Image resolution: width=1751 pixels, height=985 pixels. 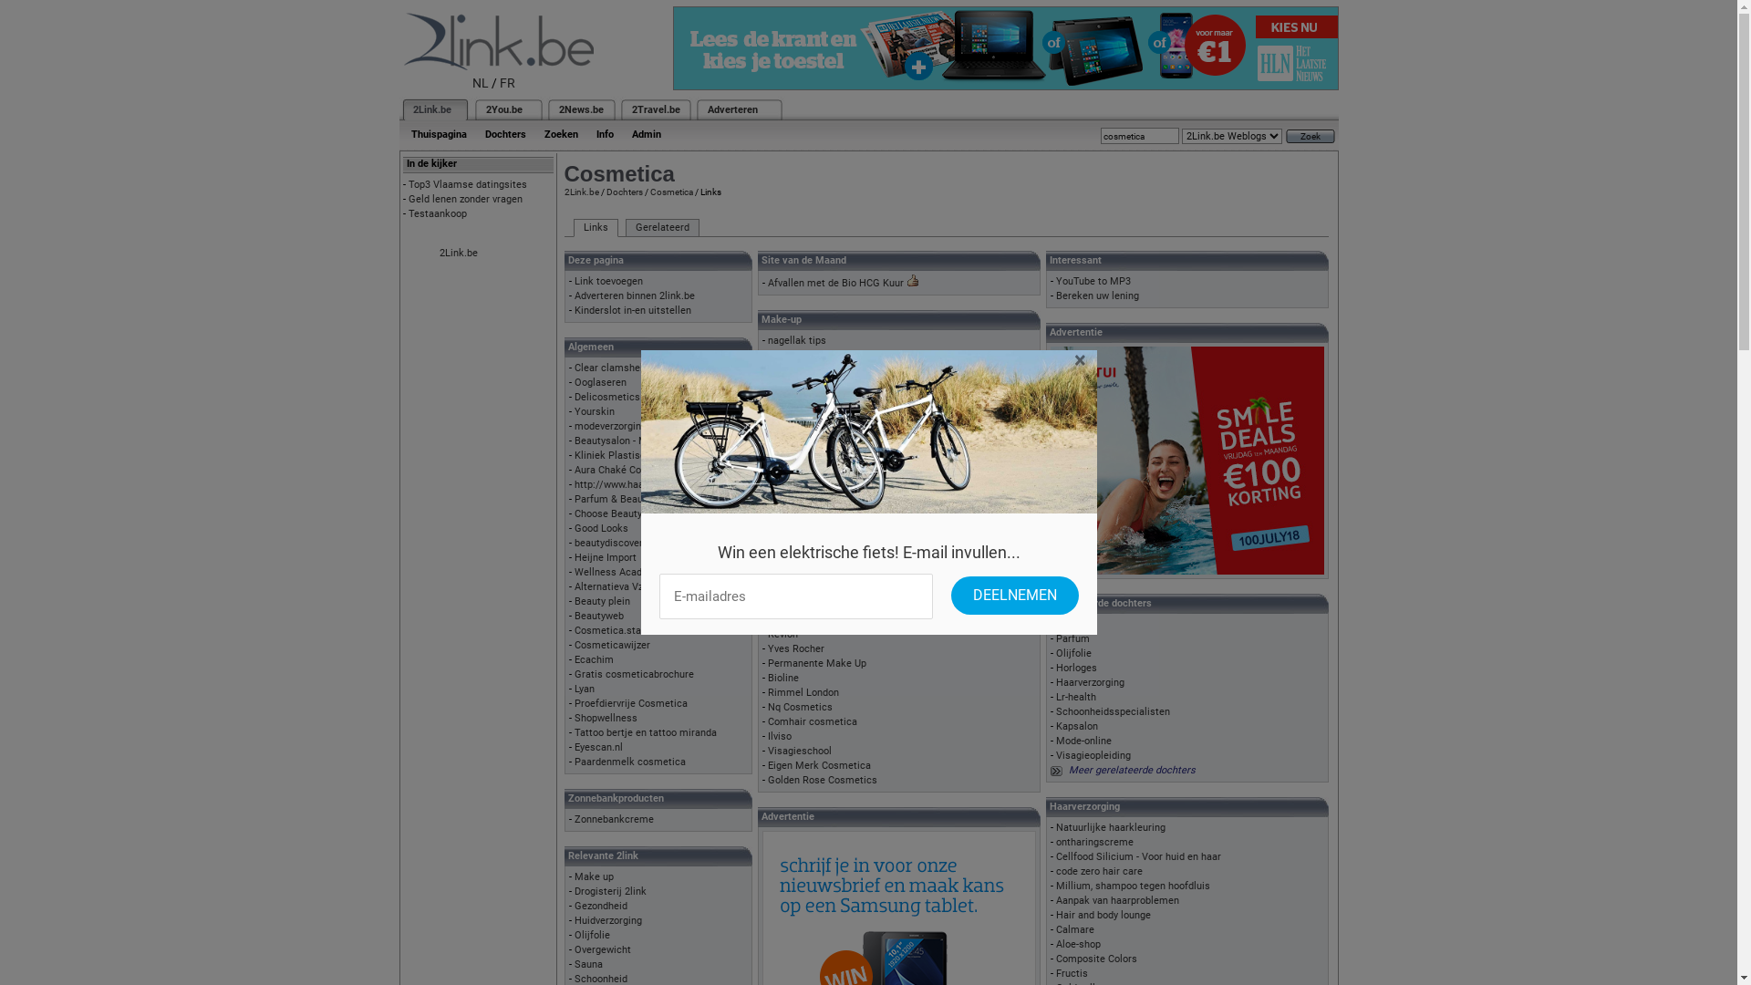 I want to click on 'Cosmeticawijzer', so click(x=573, y=644).